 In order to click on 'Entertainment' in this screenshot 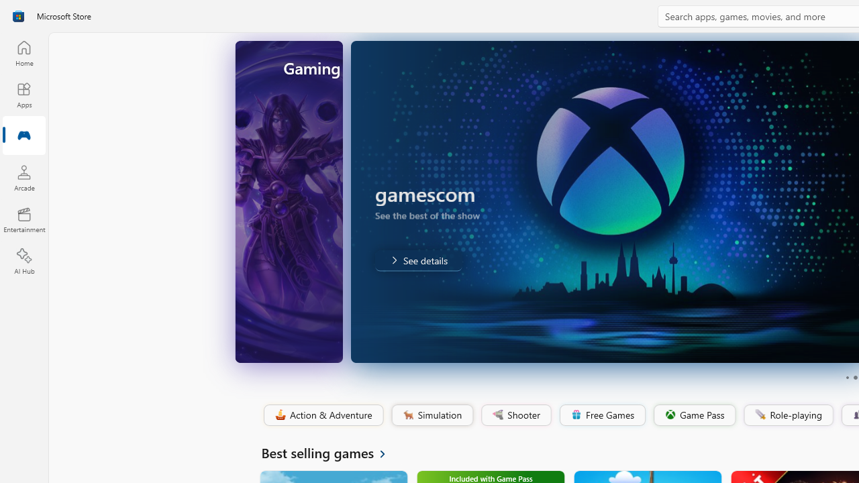, I will do `click(23, 219)`.